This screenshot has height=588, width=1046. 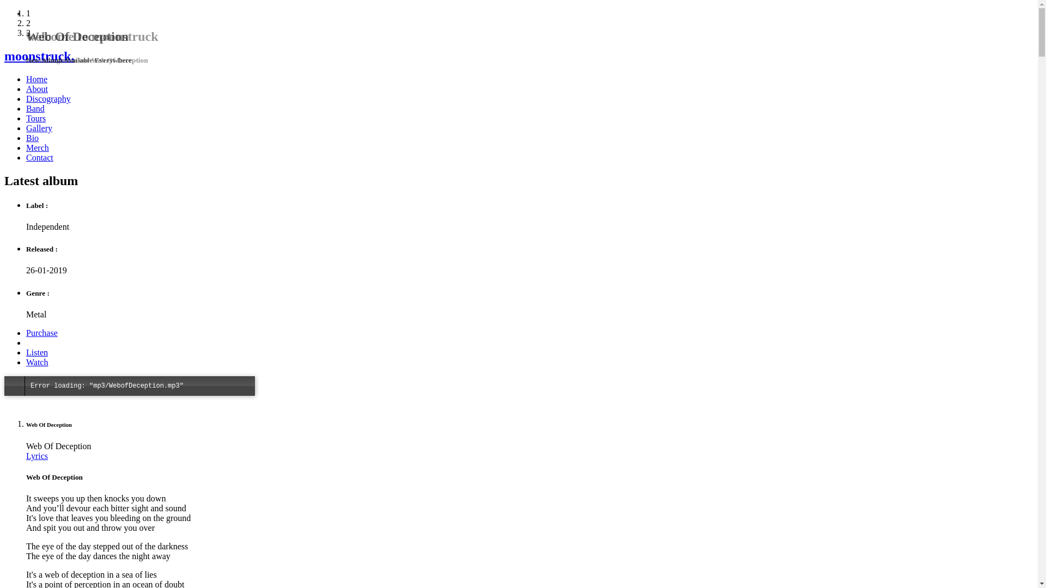 I want to click on 'Purchase', so click(x=26, y=332).